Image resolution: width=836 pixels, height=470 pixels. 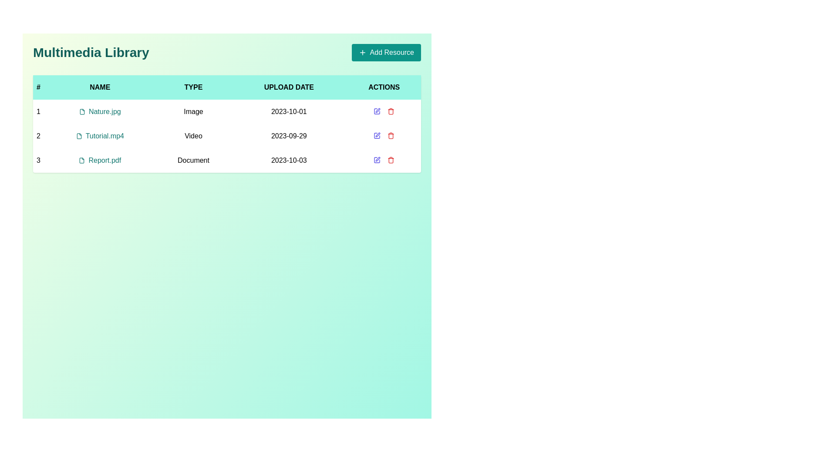 I want to click on the delete icon button located, so click(x=390, y=111).